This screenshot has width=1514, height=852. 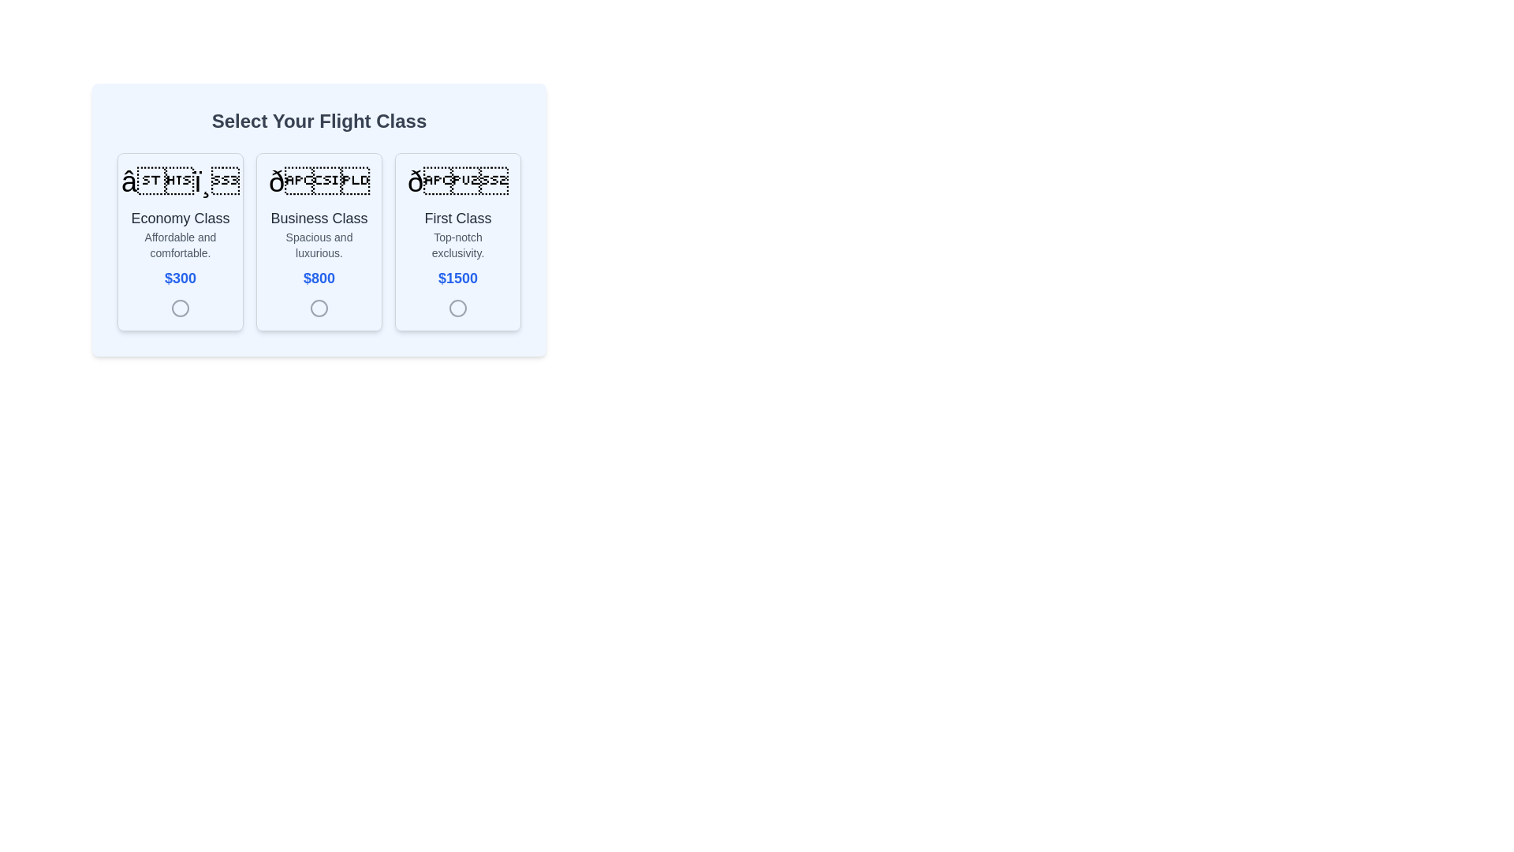 What do you see at coordinates (318, 245) in the screenshot?
I see `information displayed in the text label that says 'Spacious and luxurious.' located beneath the main title 'Business Class' in the second card layout` at bounding box center [318, 245].